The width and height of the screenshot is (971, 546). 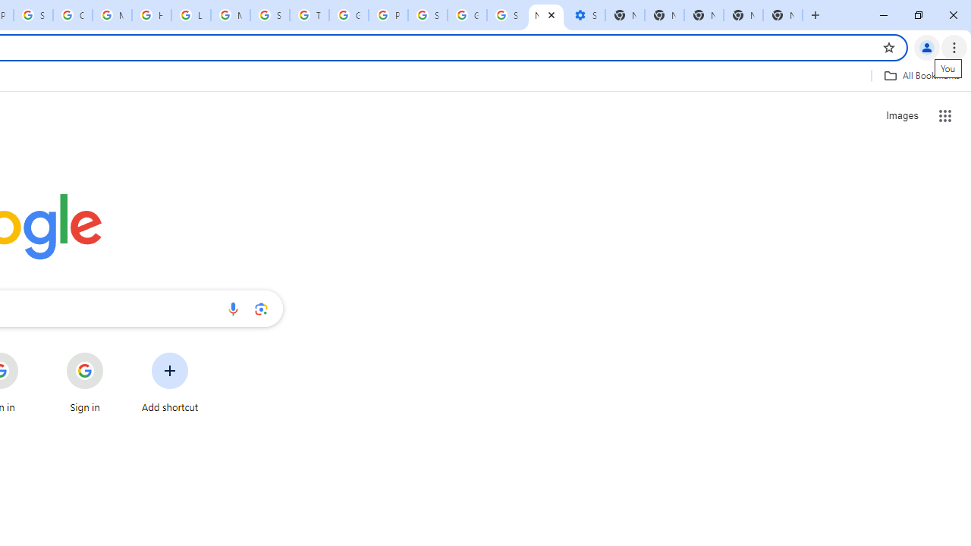 What do you see at coordinates (584, 15) in the screenshot?
I see `'Settings - Performance'` at bounding box center [584, 15].